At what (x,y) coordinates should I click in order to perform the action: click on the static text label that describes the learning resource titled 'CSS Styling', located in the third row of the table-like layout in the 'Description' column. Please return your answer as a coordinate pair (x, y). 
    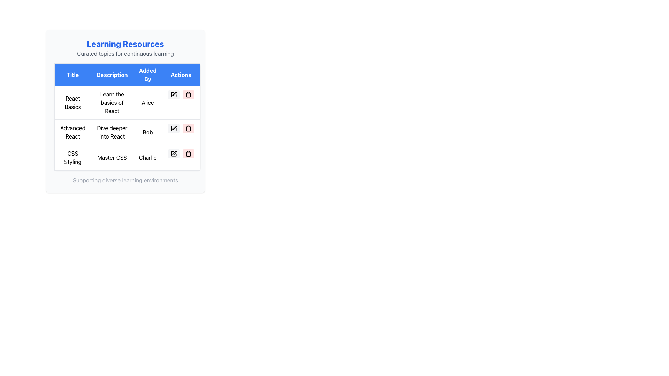
    Looking at the image, I should click on (112, 157).